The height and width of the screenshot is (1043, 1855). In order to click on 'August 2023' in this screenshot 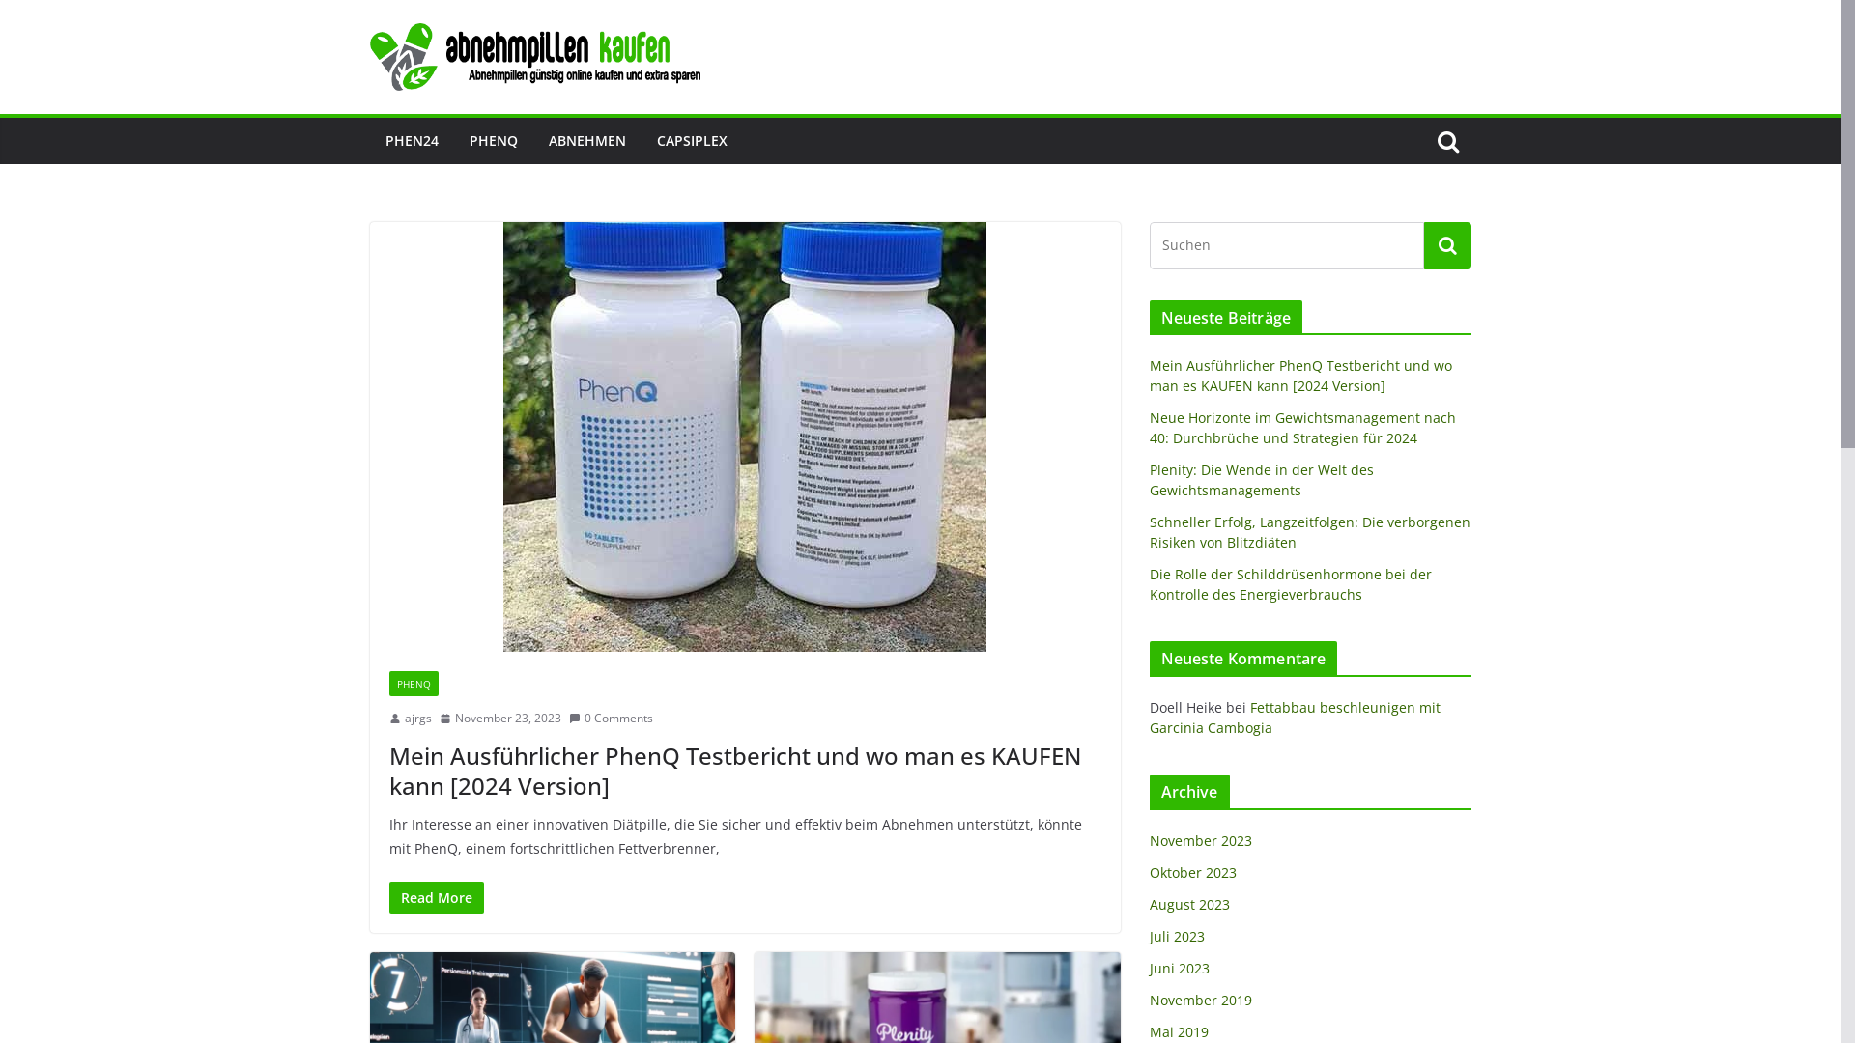, I will do `click(1150, 904)`.